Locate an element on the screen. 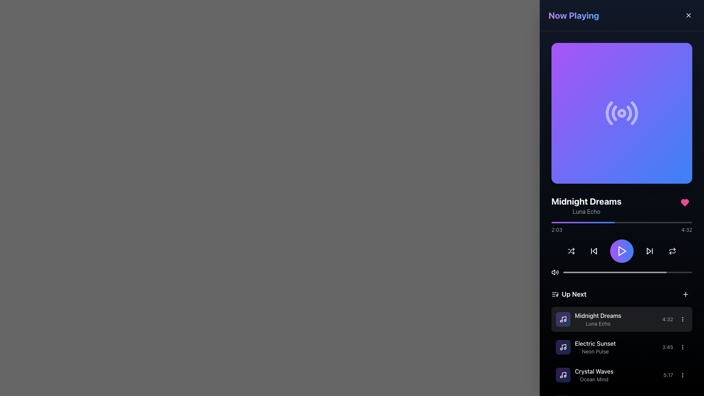  the circular button with a gradient background and a white play icon at its center to activate hover effects is located at coordinates (621, 251).